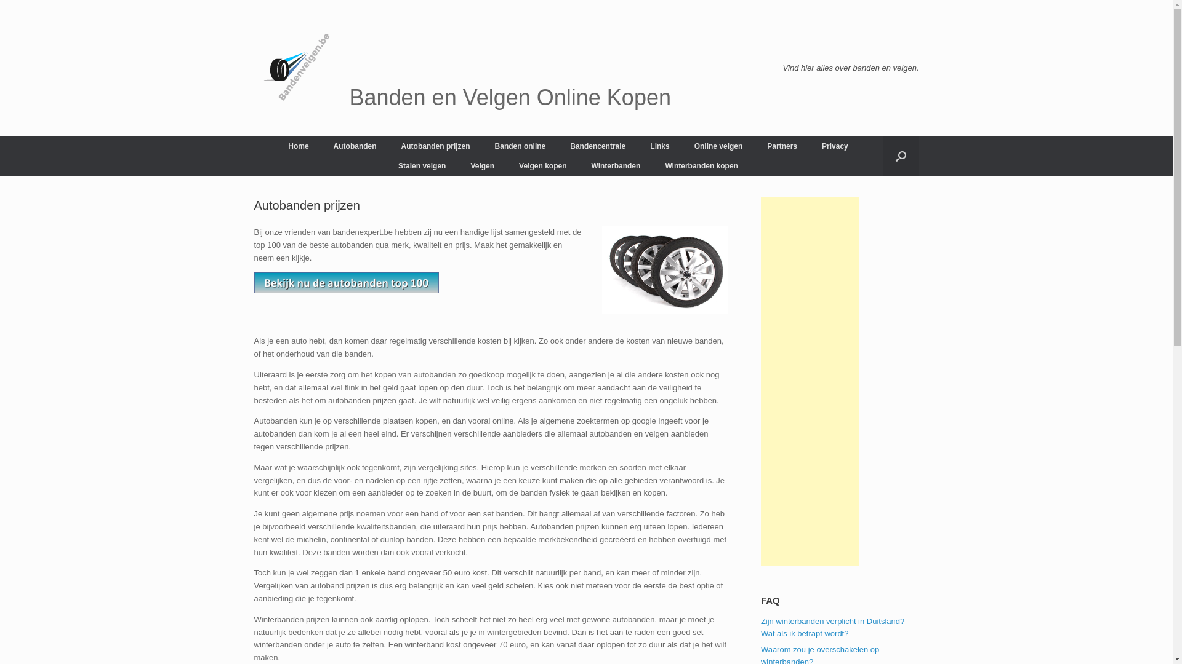 Image resolution: width=1182 pixels, height=664 pixels. I want to click on 'Velgen', so click(481, 166).